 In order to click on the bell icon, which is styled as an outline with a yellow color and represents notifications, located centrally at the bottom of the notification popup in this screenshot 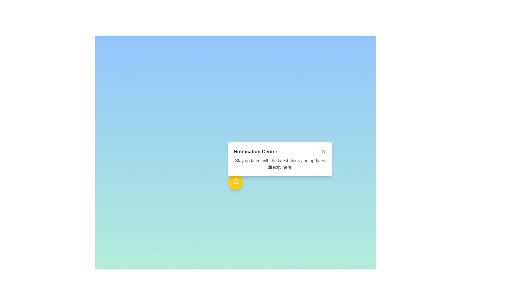, I will do `click(235, 181)`.